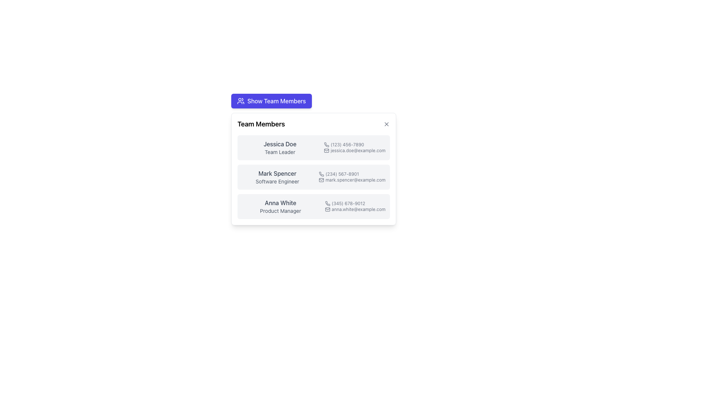  I want to click on the envelope icon that is part of the iconography system, so click(321, 180).